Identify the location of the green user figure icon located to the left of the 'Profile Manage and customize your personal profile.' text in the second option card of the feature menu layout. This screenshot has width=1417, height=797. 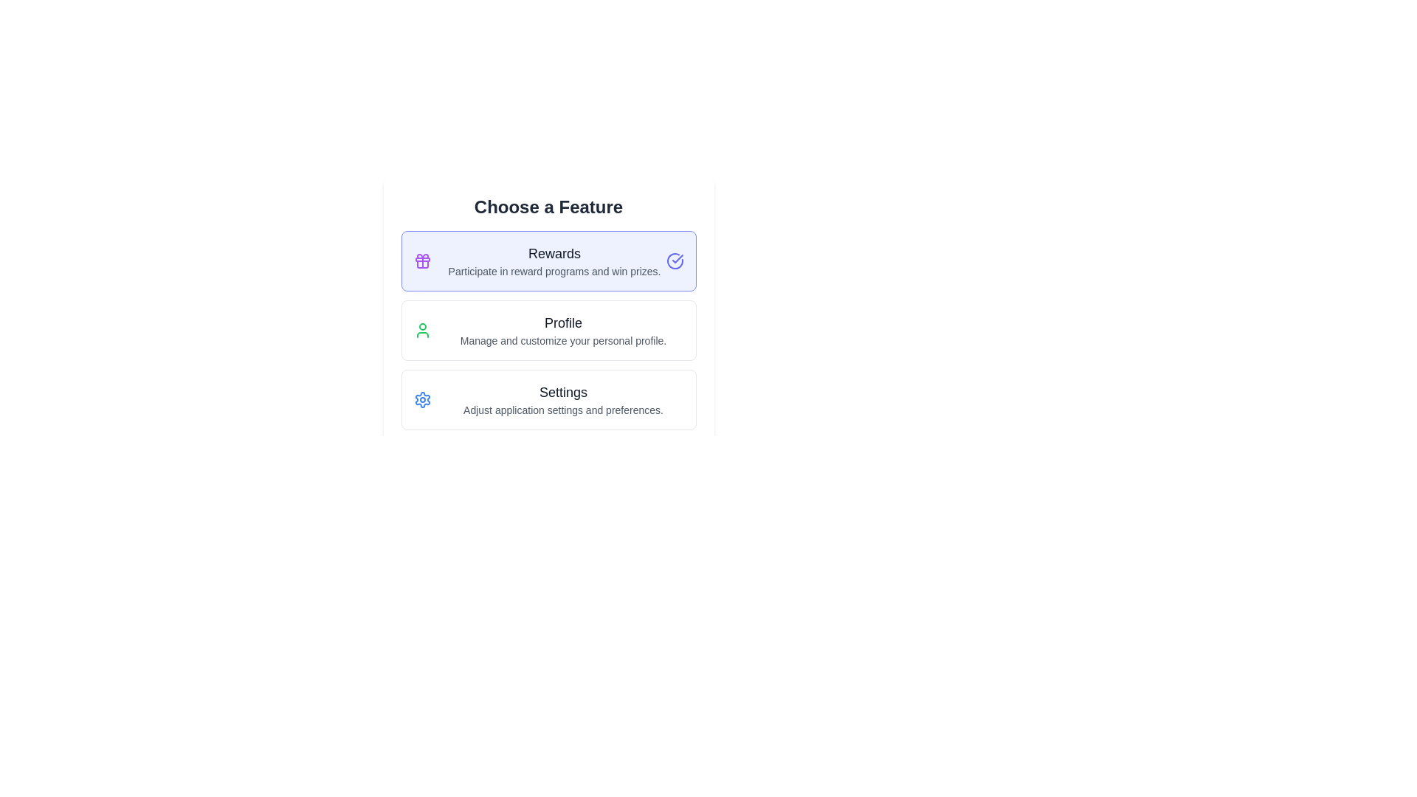
(421, 329).